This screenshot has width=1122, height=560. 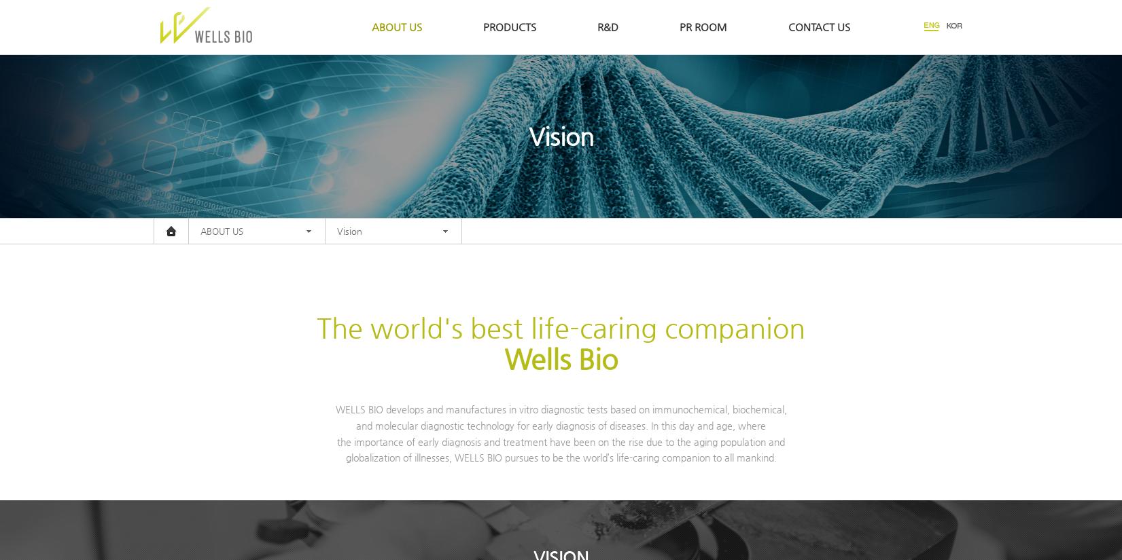 What do you see at coordinates (561, 408) in the screenshot?
I see `'WELLS BIO develops and manufactures in vitro diagnostic tests based on immunochemical, biochemical,'` at bounding box center [561, 408].